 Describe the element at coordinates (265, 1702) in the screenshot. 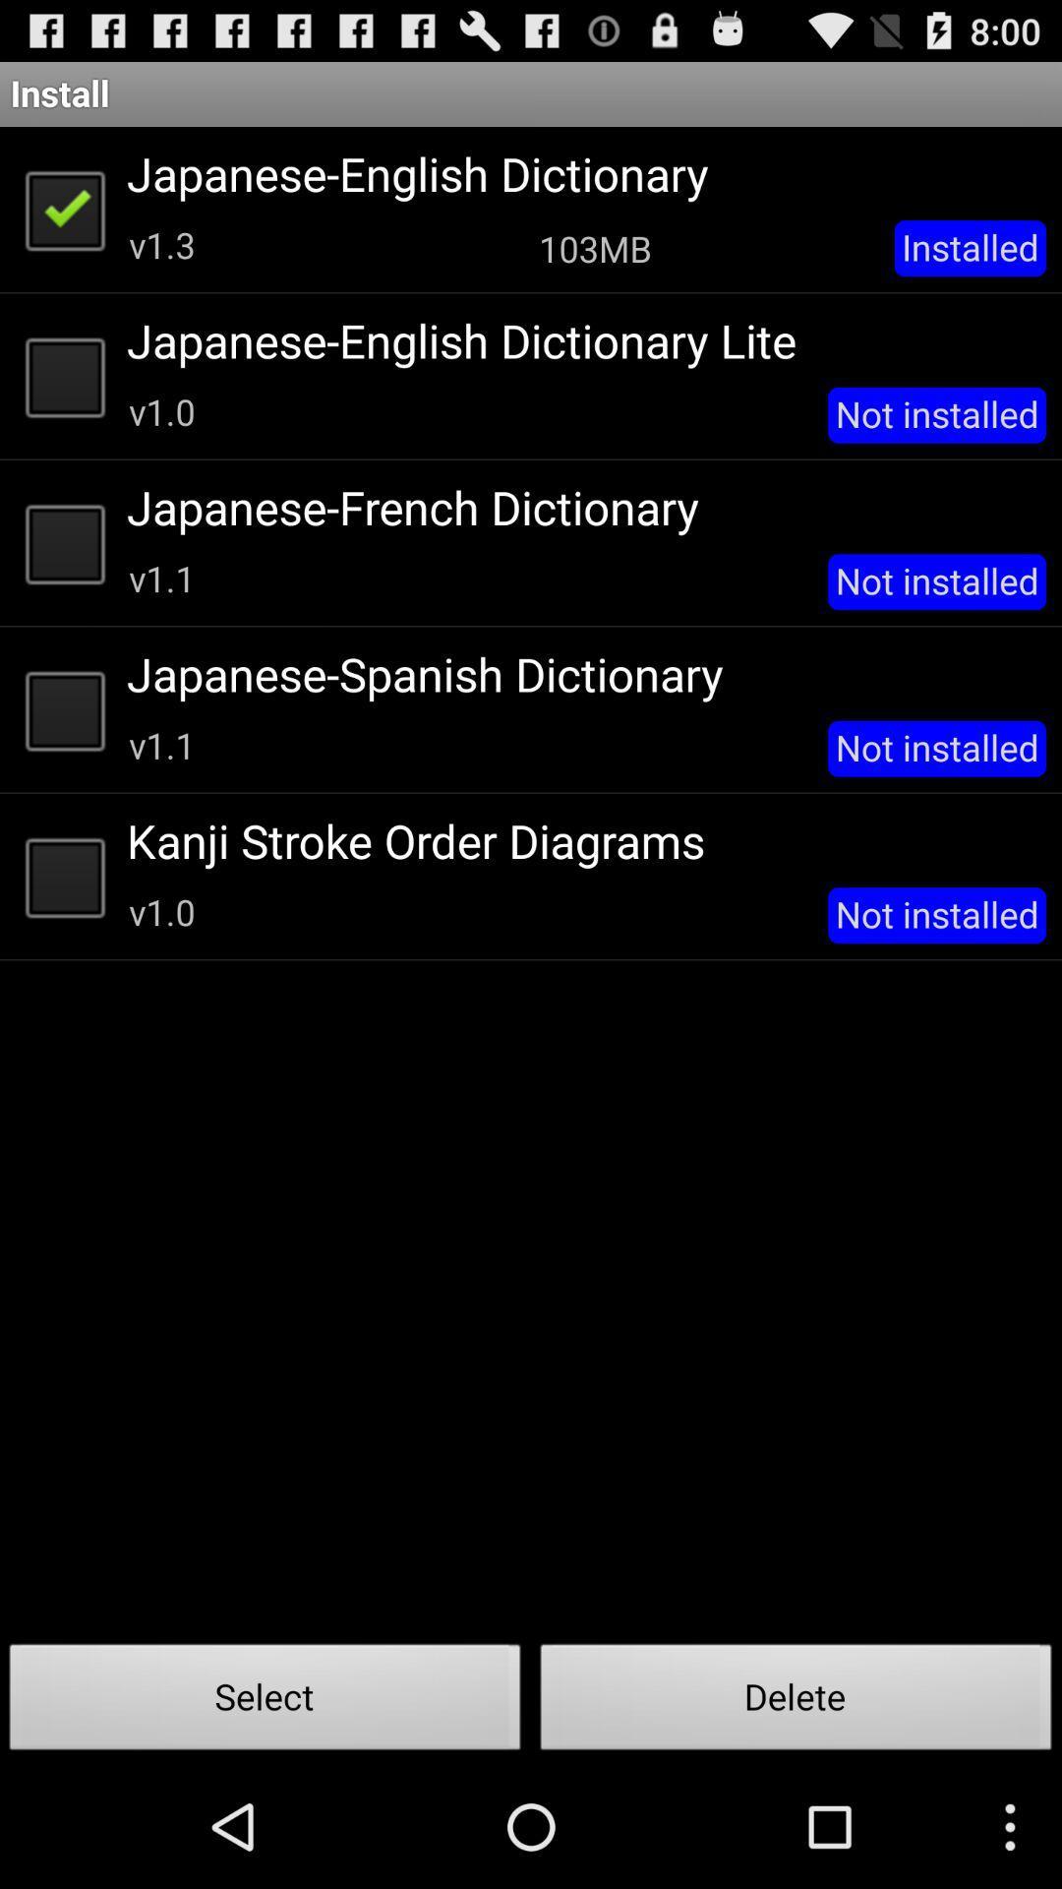

I see `the select button` at that location.